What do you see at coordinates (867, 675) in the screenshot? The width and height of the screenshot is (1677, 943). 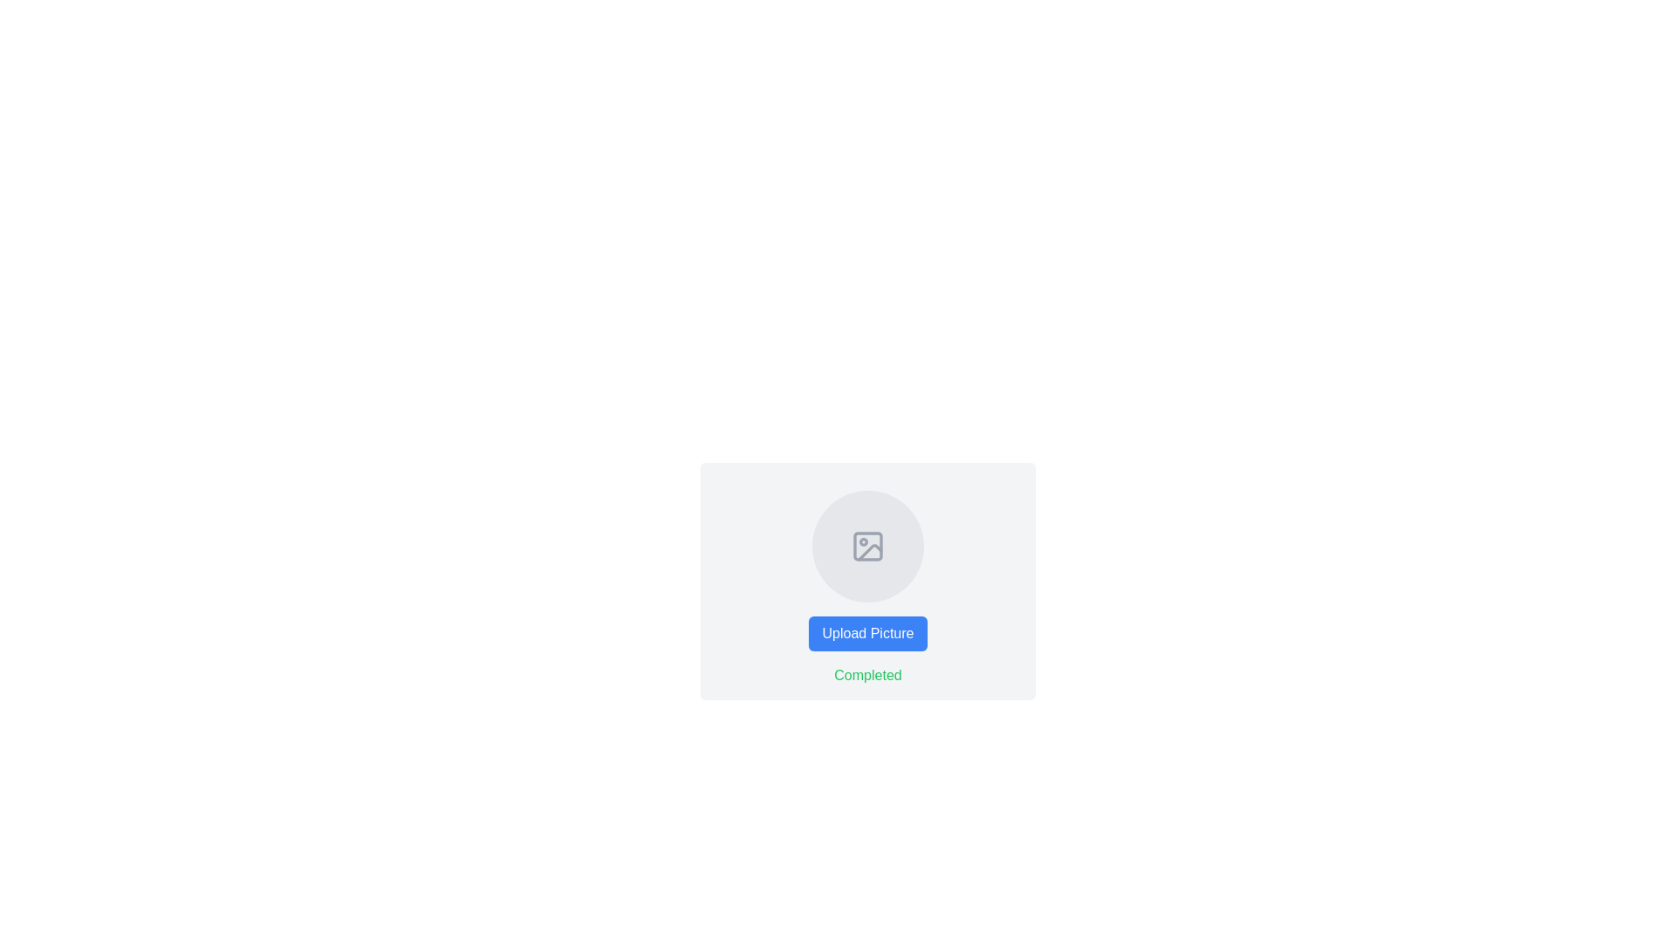 I see `the status indicator text label that informs the user about the successful completion of an action, located beneath the blue 'Upload Picture' button` at bounding box center [867, 675].